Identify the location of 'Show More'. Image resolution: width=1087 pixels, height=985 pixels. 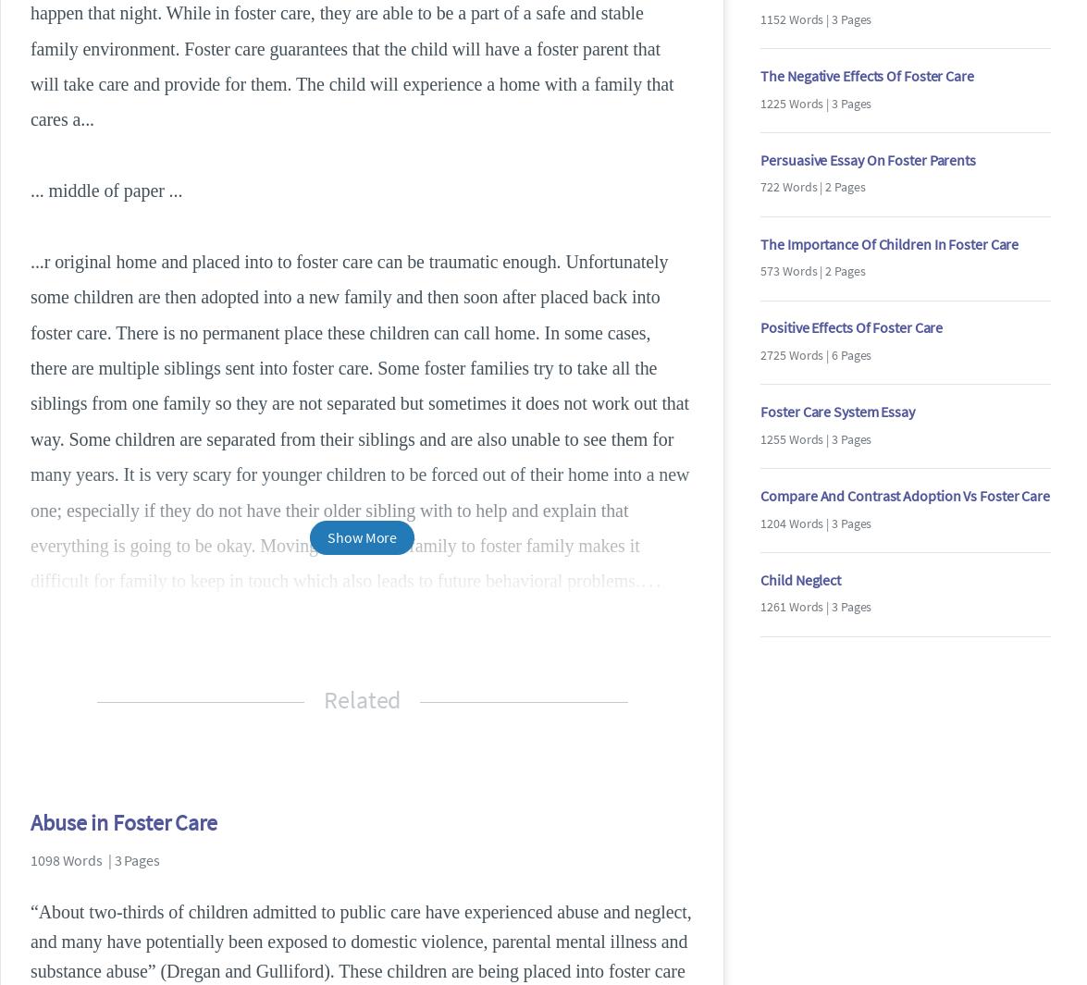
(362, 536).